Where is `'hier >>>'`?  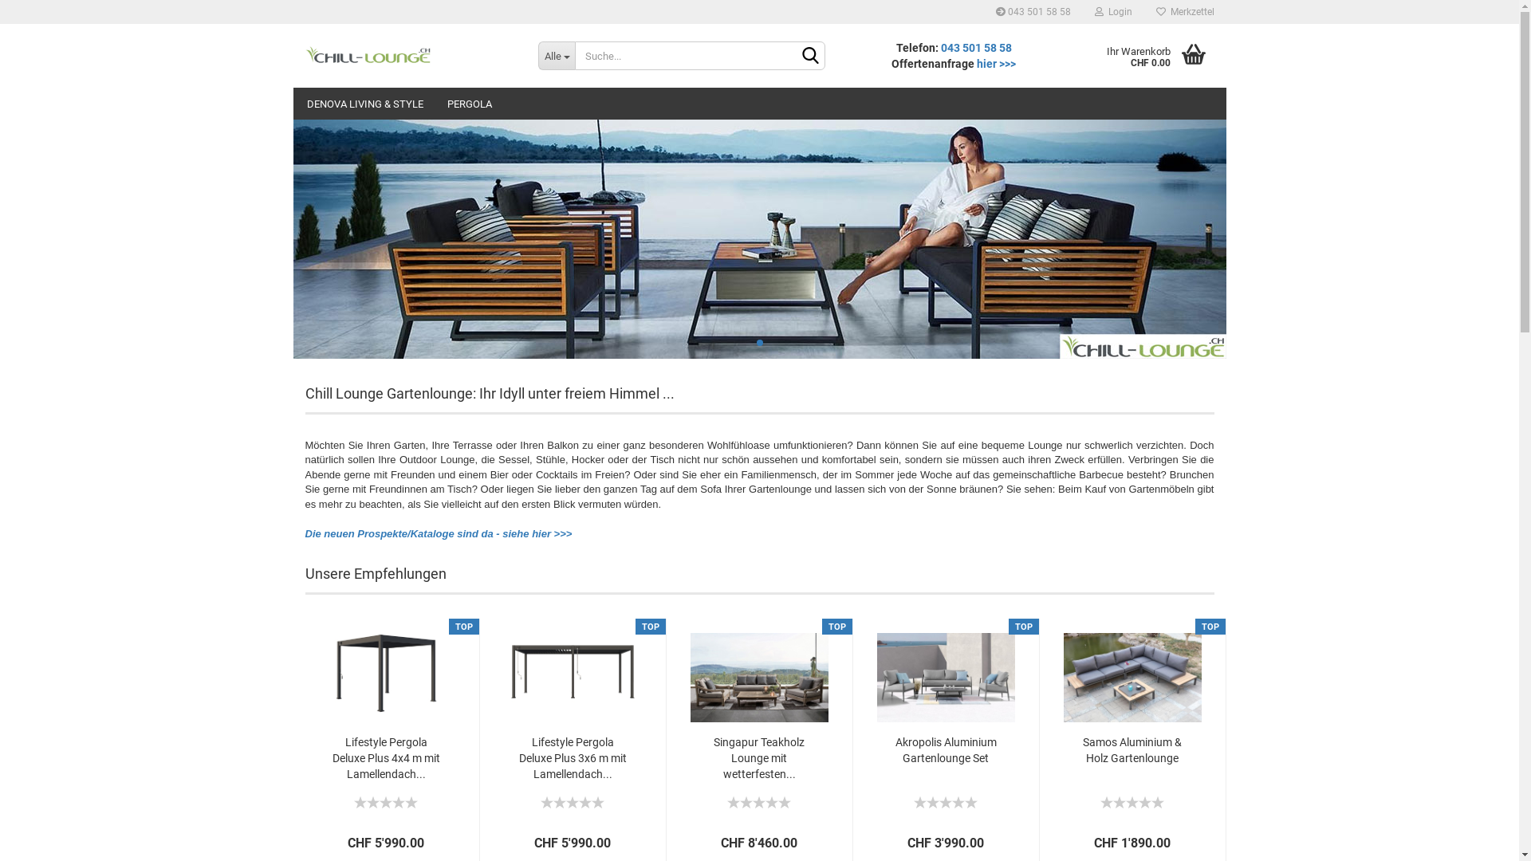 'hier >>>' is located at coordinates (995, 63).